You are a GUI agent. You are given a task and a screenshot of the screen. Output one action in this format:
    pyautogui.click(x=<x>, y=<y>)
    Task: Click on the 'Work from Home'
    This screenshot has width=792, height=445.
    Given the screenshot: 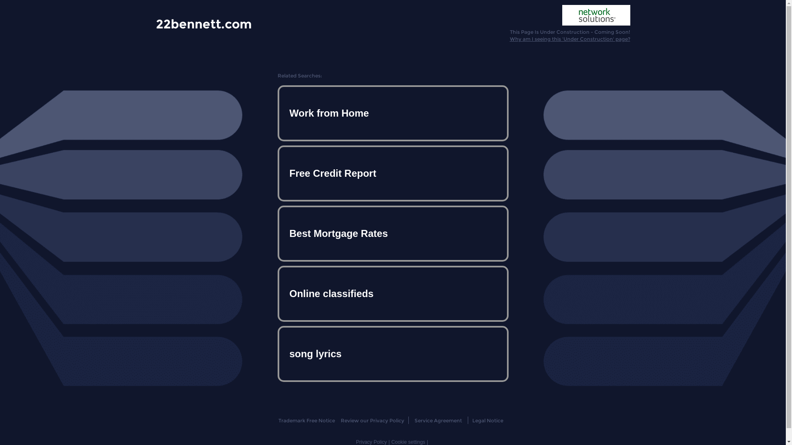 What is the action you would take?
    pyautogui.click(x=392, y=113)
    